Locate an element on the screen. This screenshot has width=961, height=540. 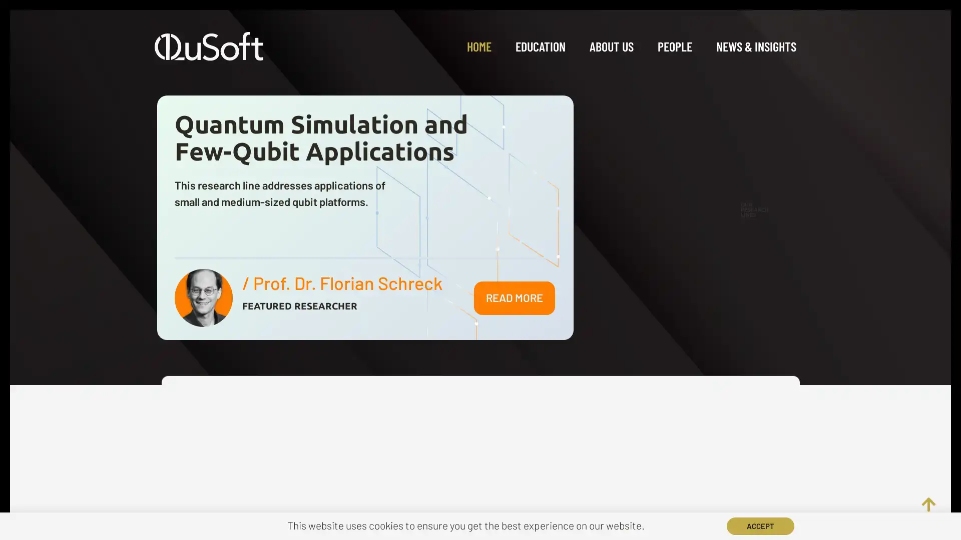
ACCEPT is located at coordinates (760, 525).